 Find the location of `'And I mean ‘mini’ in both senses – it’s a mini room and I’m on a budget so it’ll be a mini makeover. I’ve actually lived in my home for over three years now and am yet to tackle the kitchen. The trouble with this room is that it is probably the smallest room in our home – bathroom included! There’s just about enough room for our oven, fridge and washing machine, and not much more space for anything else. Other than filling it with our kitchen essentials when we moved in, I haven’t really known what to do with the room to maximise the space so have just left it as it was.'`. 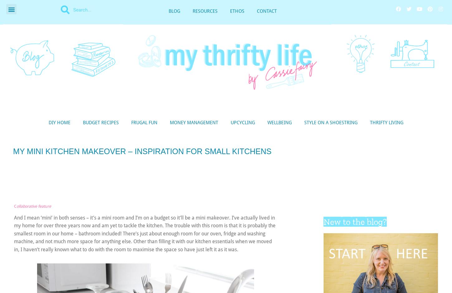

'And I mean ‘mini’ in both senses – it’s a mini room and I’m on a budget so it’ll be a mini makeover. I’ve actually lived in my home for over three years now and am yet to tackle the kitchen. The trouble with this room is that it is probably the smallest room in our home – bathroom included! There’s just about enough room for our oven, fridge and washing machine, and not much more space for anything else. Other than filling it with our kitchen essentials when we moved in, I haven’t really known what to do with the room to maximise the space so have just left it as it was.' is located at coordinates (144, 233).